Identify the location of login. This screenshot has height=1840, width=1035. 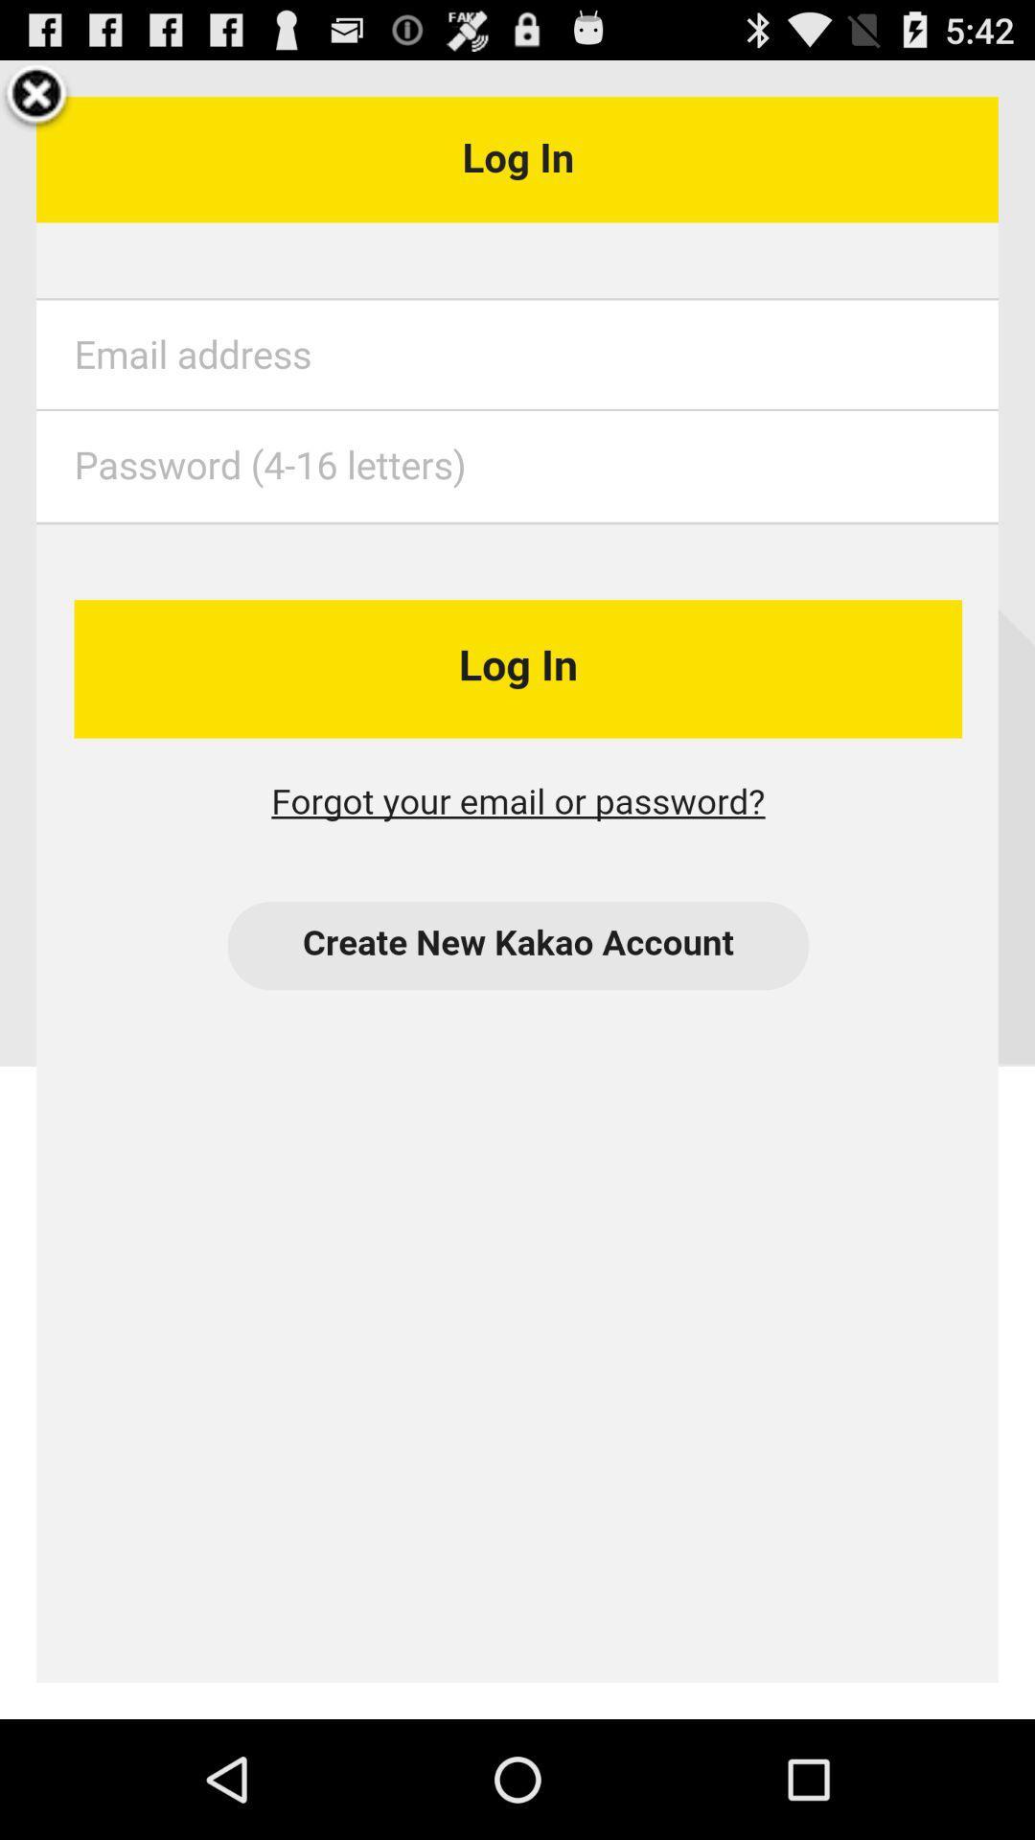
(517, 888).